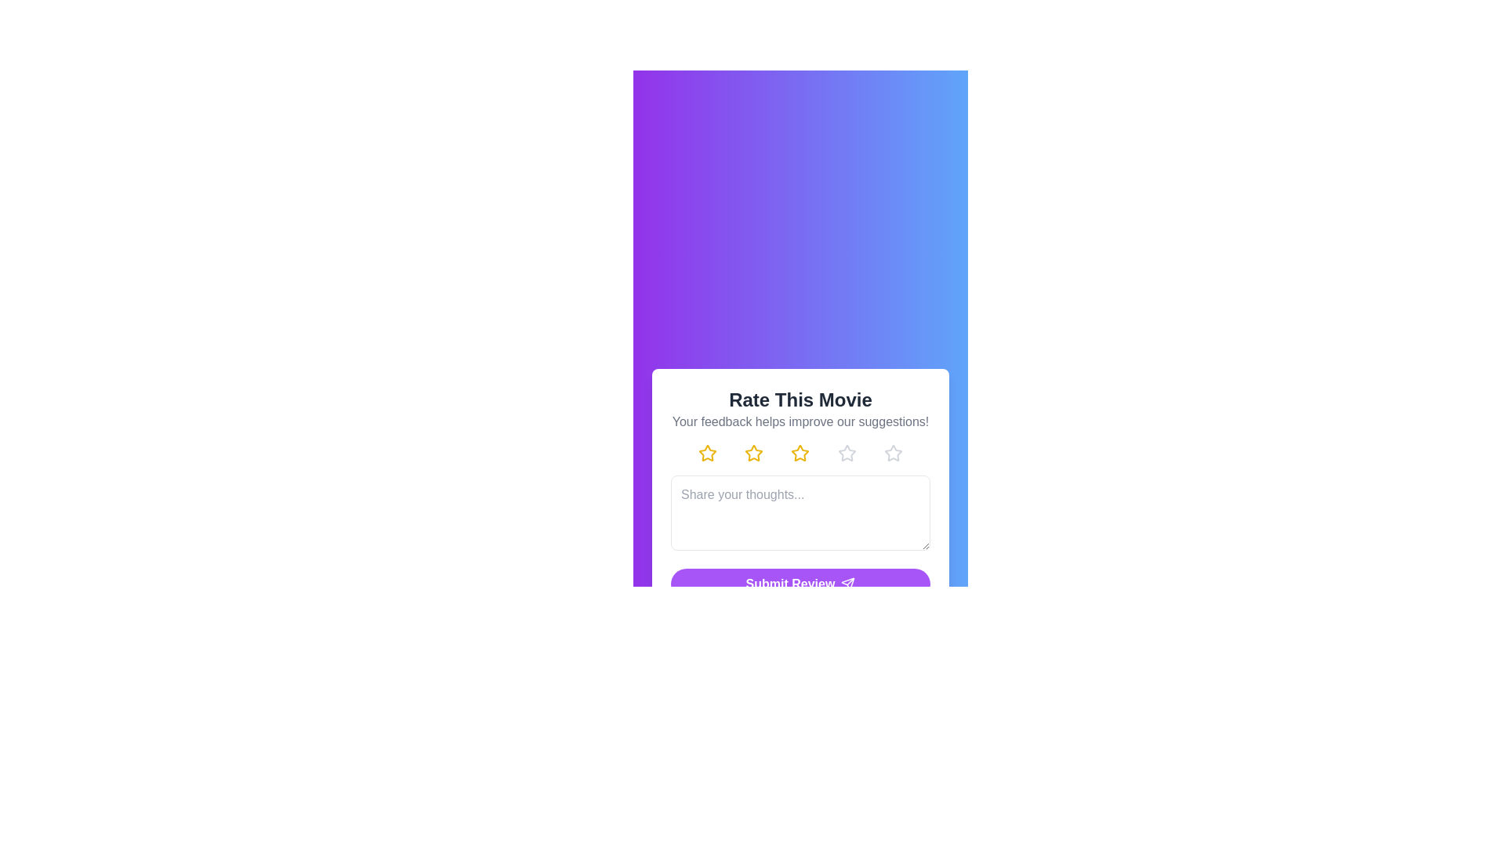  What do you see at coordinates (707, 453) in the screenshot?
I see `the first star-shaped icon in the five-star rating system, which is filled in yellow, to provide visual feedback` at bounding box center [707, 453].